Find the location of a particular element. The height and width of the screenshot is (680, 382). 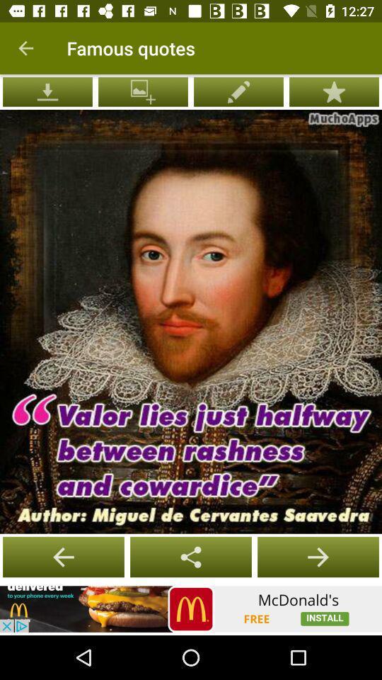

connect to site is located at coordinates (191, 608).